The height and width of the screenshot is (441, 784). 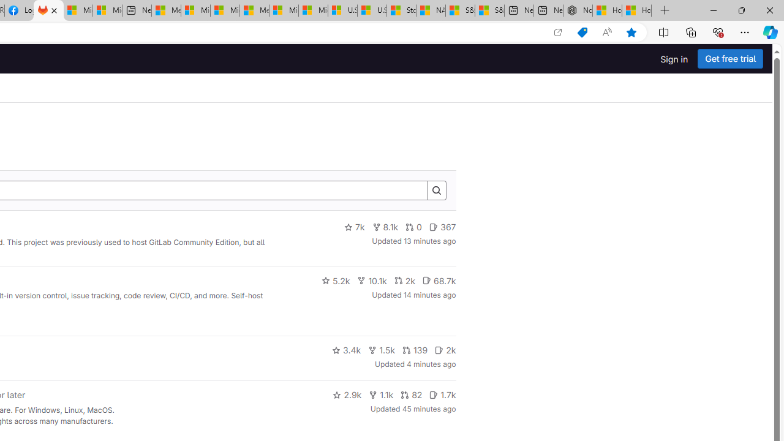 I want to click on '2.9k', so click(x=347, y=395).